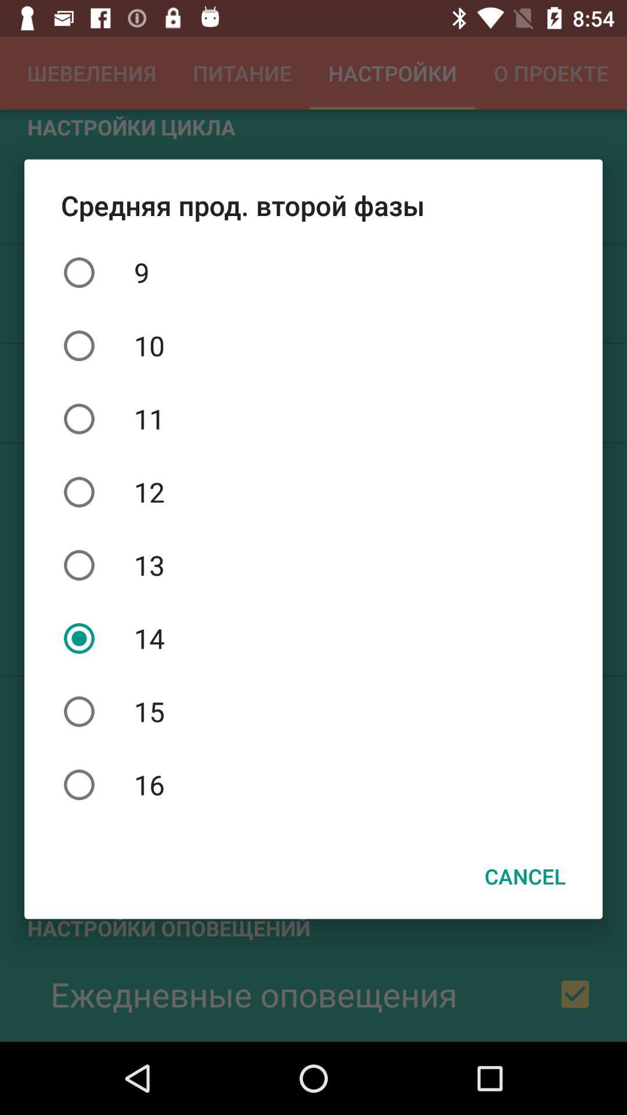 Image resolution: width=627 pixels, height=1115 pixels. What do you see at coordinates (313, 272) in the screenshot?
I see `the 9` at bounding box center [313, 272].